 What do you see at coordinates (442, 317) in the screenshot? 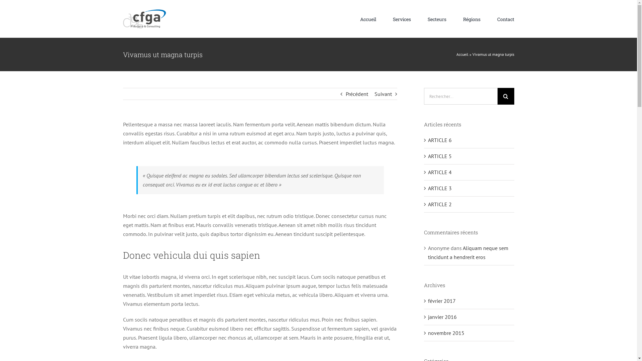
I see `'janvier 2016'` at bounding box center [442, 317].